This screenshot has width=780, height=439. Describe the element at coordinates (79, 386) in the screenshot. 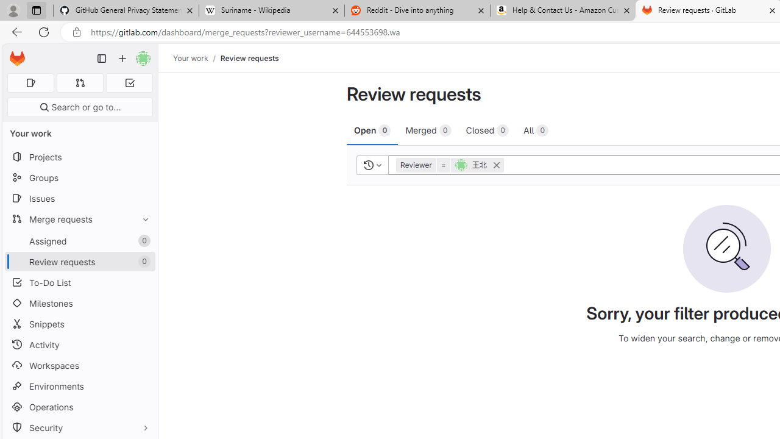

I see `'Environments'` at that location.